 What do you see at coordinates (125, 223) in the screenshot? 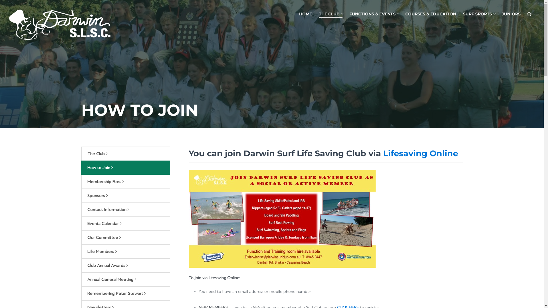
I see `'Events Calendar '` at bounding box center [125, 223].